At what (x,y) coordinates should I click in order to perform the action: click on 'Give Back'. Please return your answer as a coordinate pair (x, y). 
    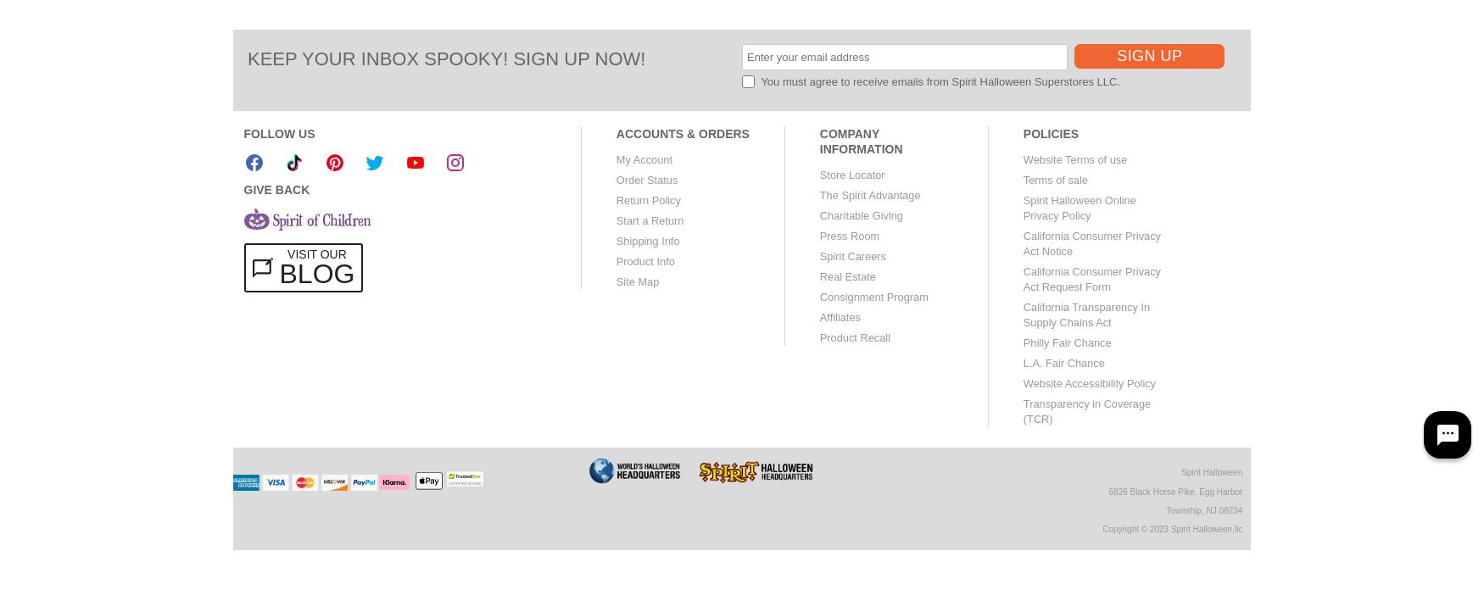
    Looking at the image, I should click on (276, 188).